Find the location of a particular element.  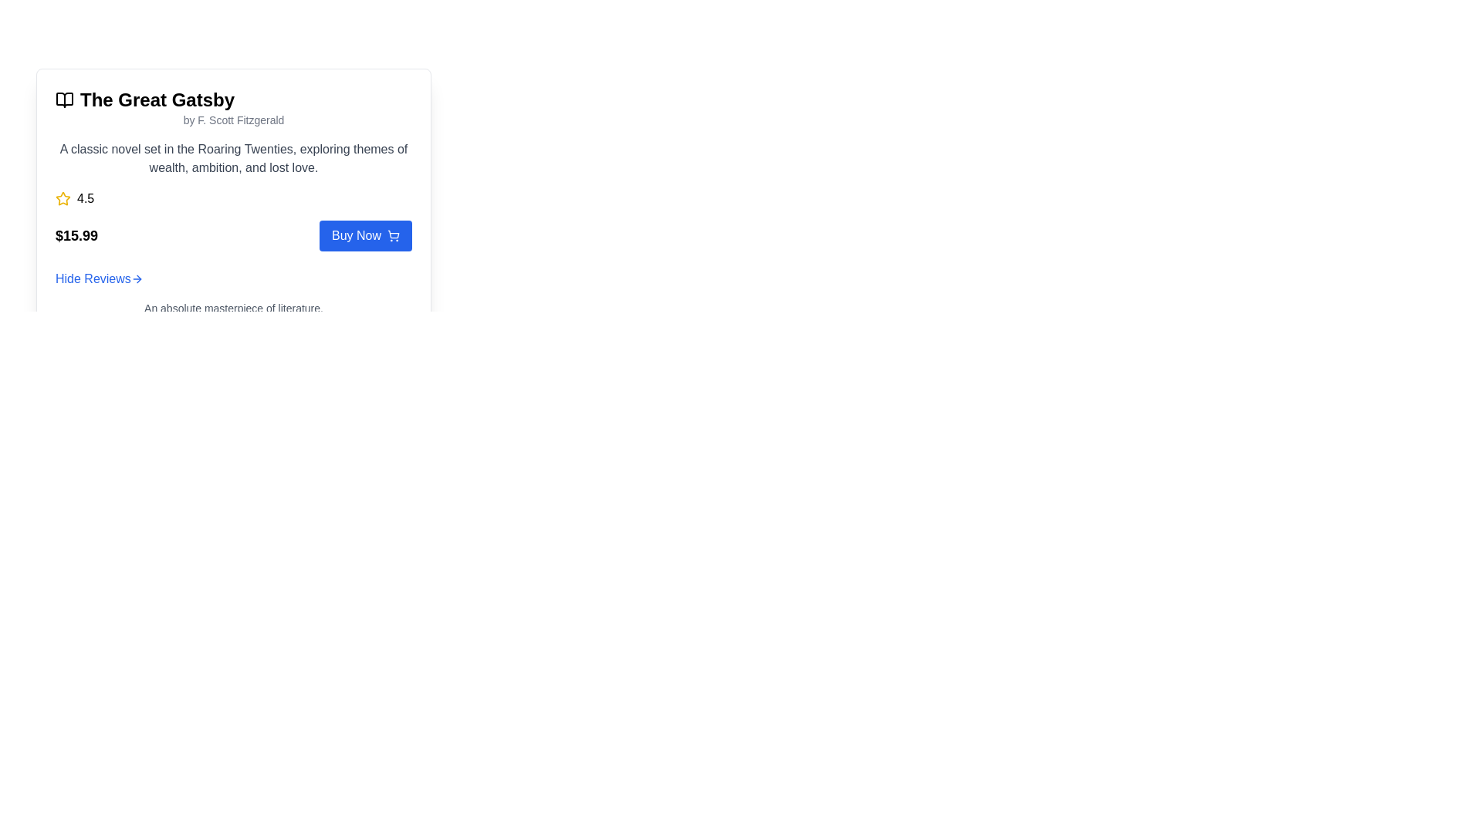

the shopping cart icon located on the 'Buy Now' button, positioned towards the right side of the button text, for accessibility is located at coordinates (393, 235).